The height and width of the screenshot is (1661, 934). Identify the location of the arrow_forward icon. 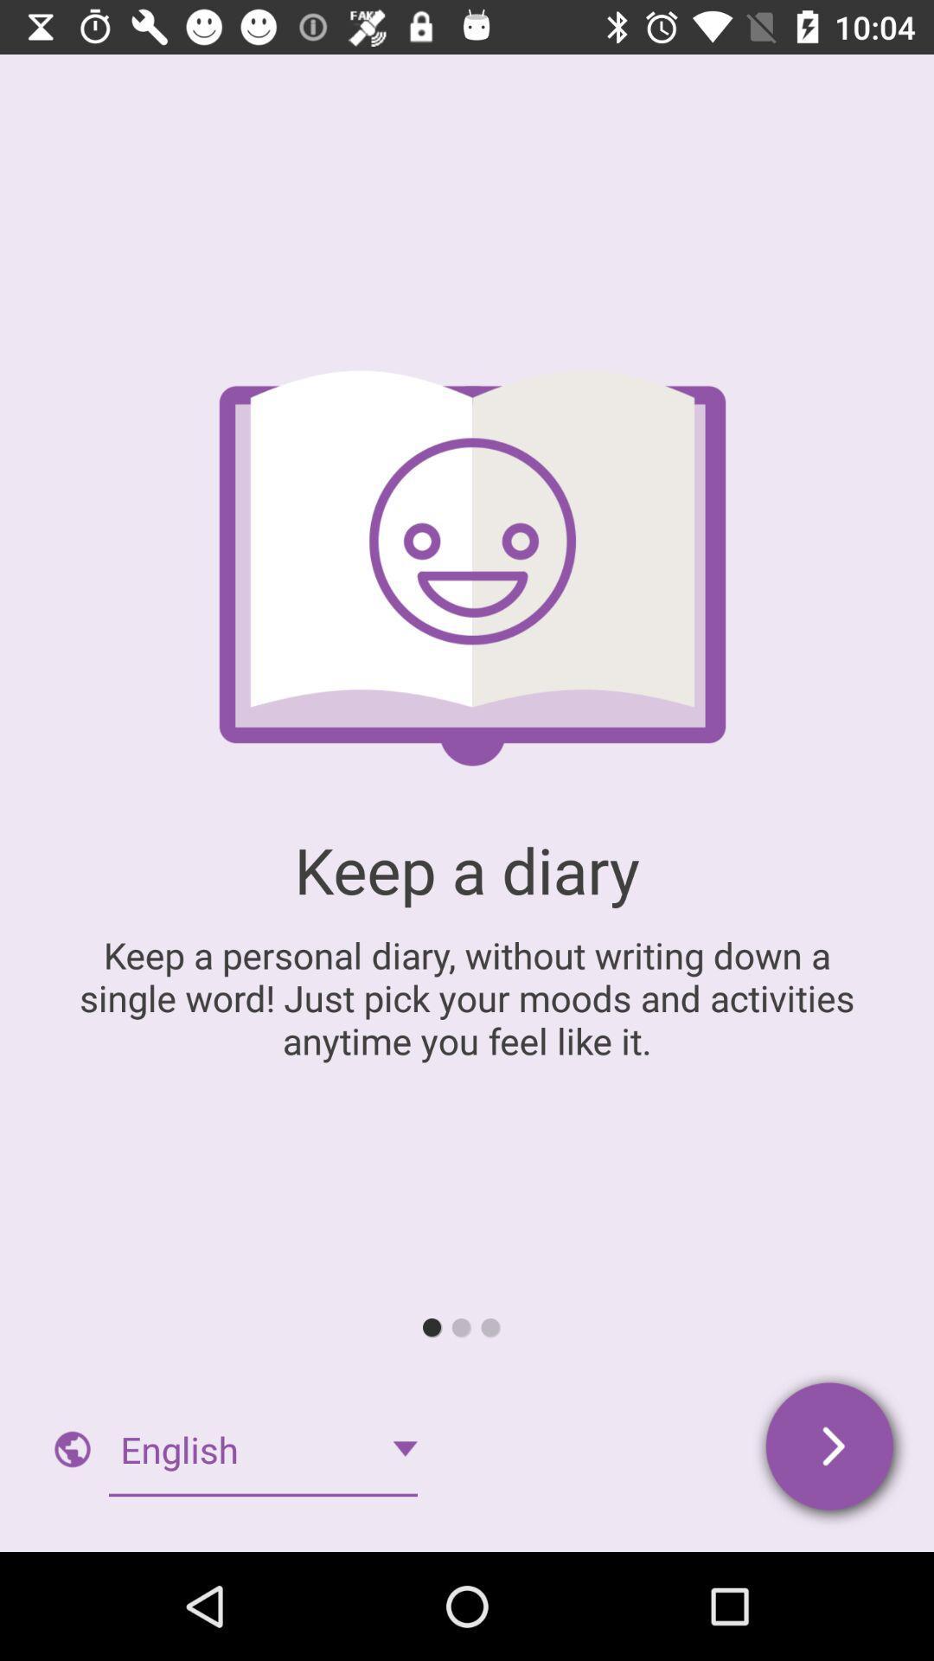
(830, 1449).